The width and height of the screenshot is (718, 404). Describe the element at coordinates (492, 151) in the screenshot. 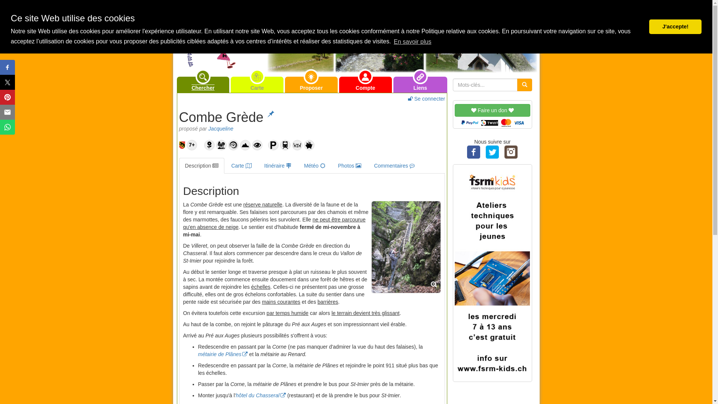

I see `'Suivre balades-en-famille.ch sur twitter'` at that location.